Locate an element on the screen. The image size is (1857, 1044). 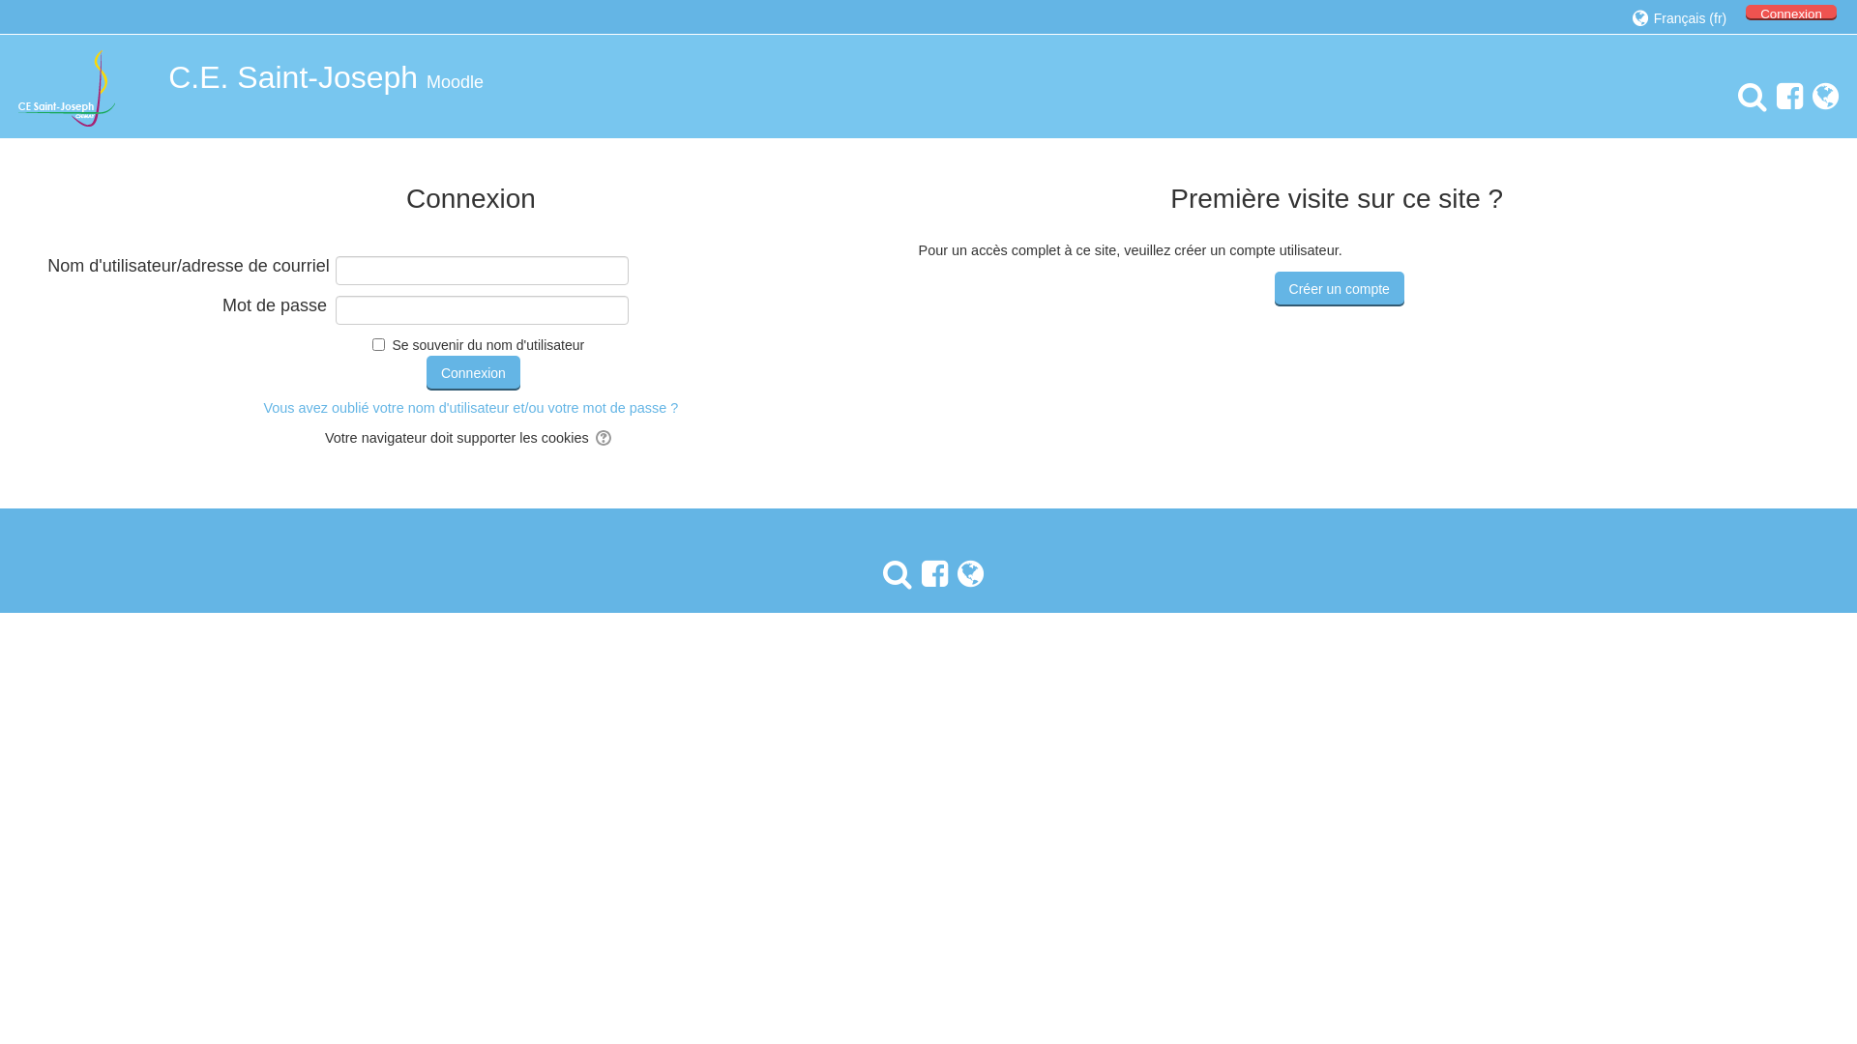
'Aide sur Votre navigateur doit supporter les cookies' is located at coordinates (604, 437).